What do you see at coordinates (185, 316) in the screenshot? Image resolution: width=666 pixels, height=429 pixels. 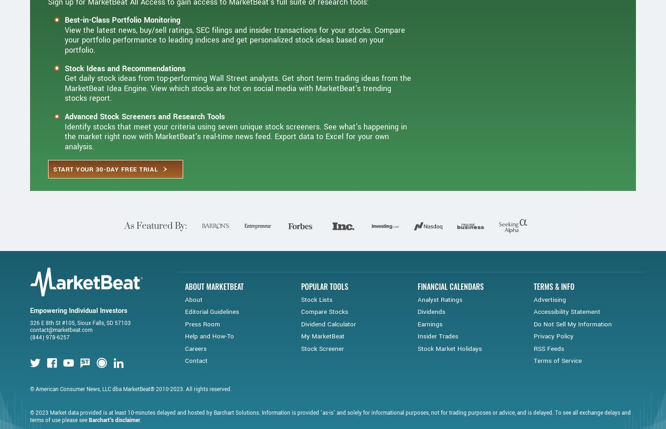 I see `'About MarketBeat'` at bounding box center [185, 316].